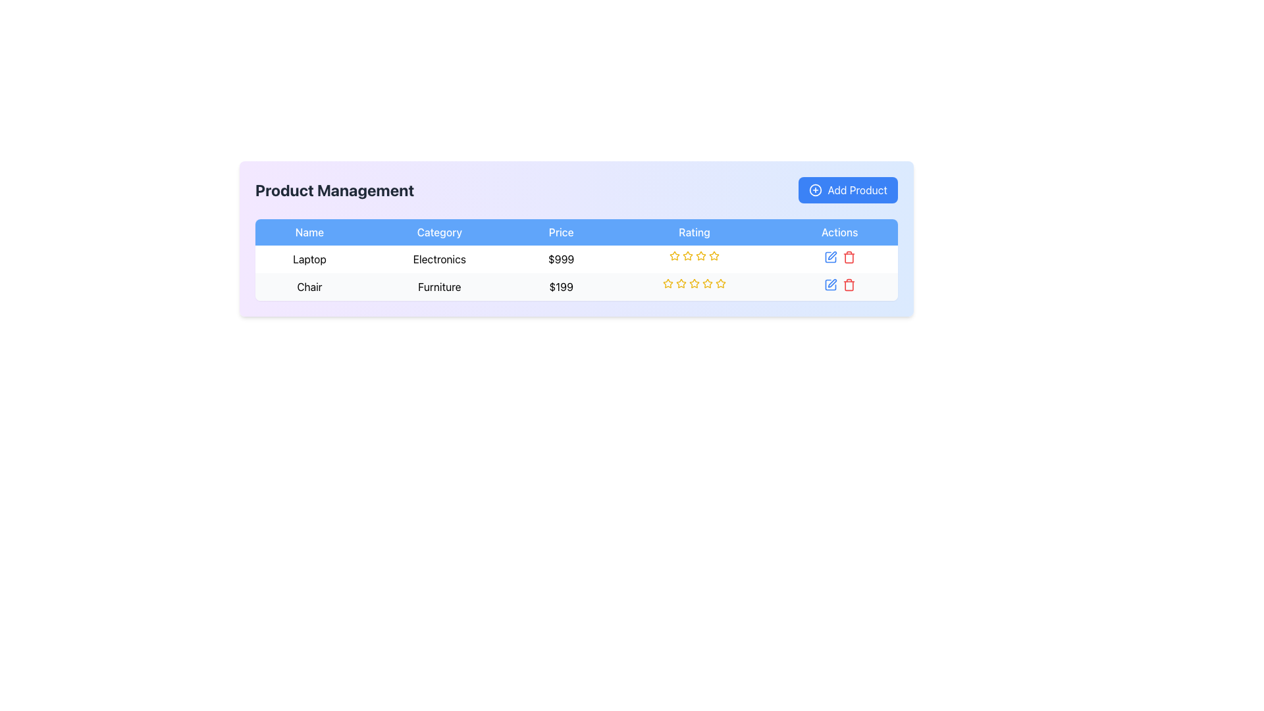 Image resolution: width=1264 pixels, height=711 pixels. What do you see at coordinates (700, 255) in the screenshot?
I see `the fourth star icon in the 'Rating' column of the first row ('Laptop' row) in the product management table` at bounding box center [700, 255].